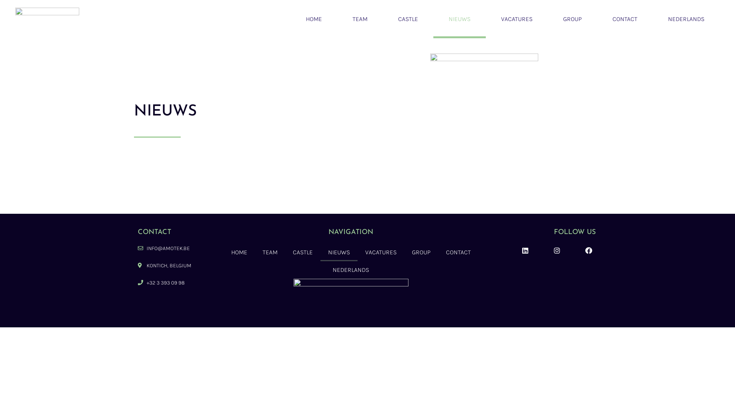 Image resolution: width=735 pixels, height=413 pixels. Describe the element at coordinates (516, 19) in the screenshot. I see `'VACATURES'` at that location.